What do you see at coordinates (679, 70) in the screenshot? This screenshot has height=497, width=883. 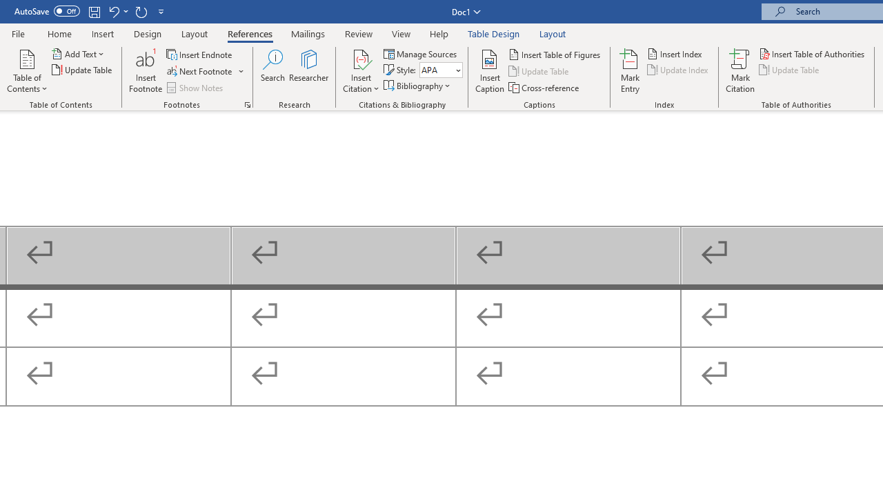 I see `'Update Index'` at bounding box center [679, 70].